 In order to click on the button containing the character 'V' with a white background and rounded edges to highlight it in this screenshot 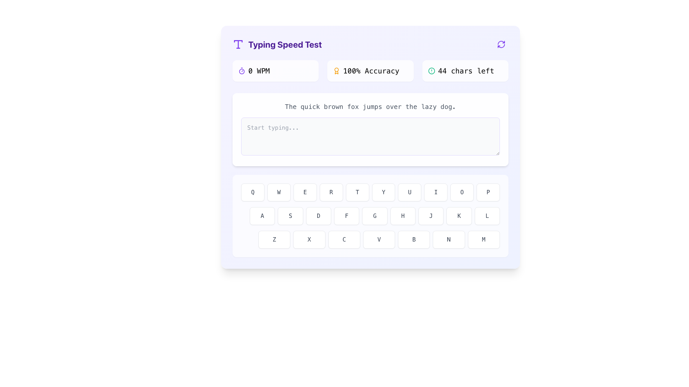, I will do `click(379, 239)`.